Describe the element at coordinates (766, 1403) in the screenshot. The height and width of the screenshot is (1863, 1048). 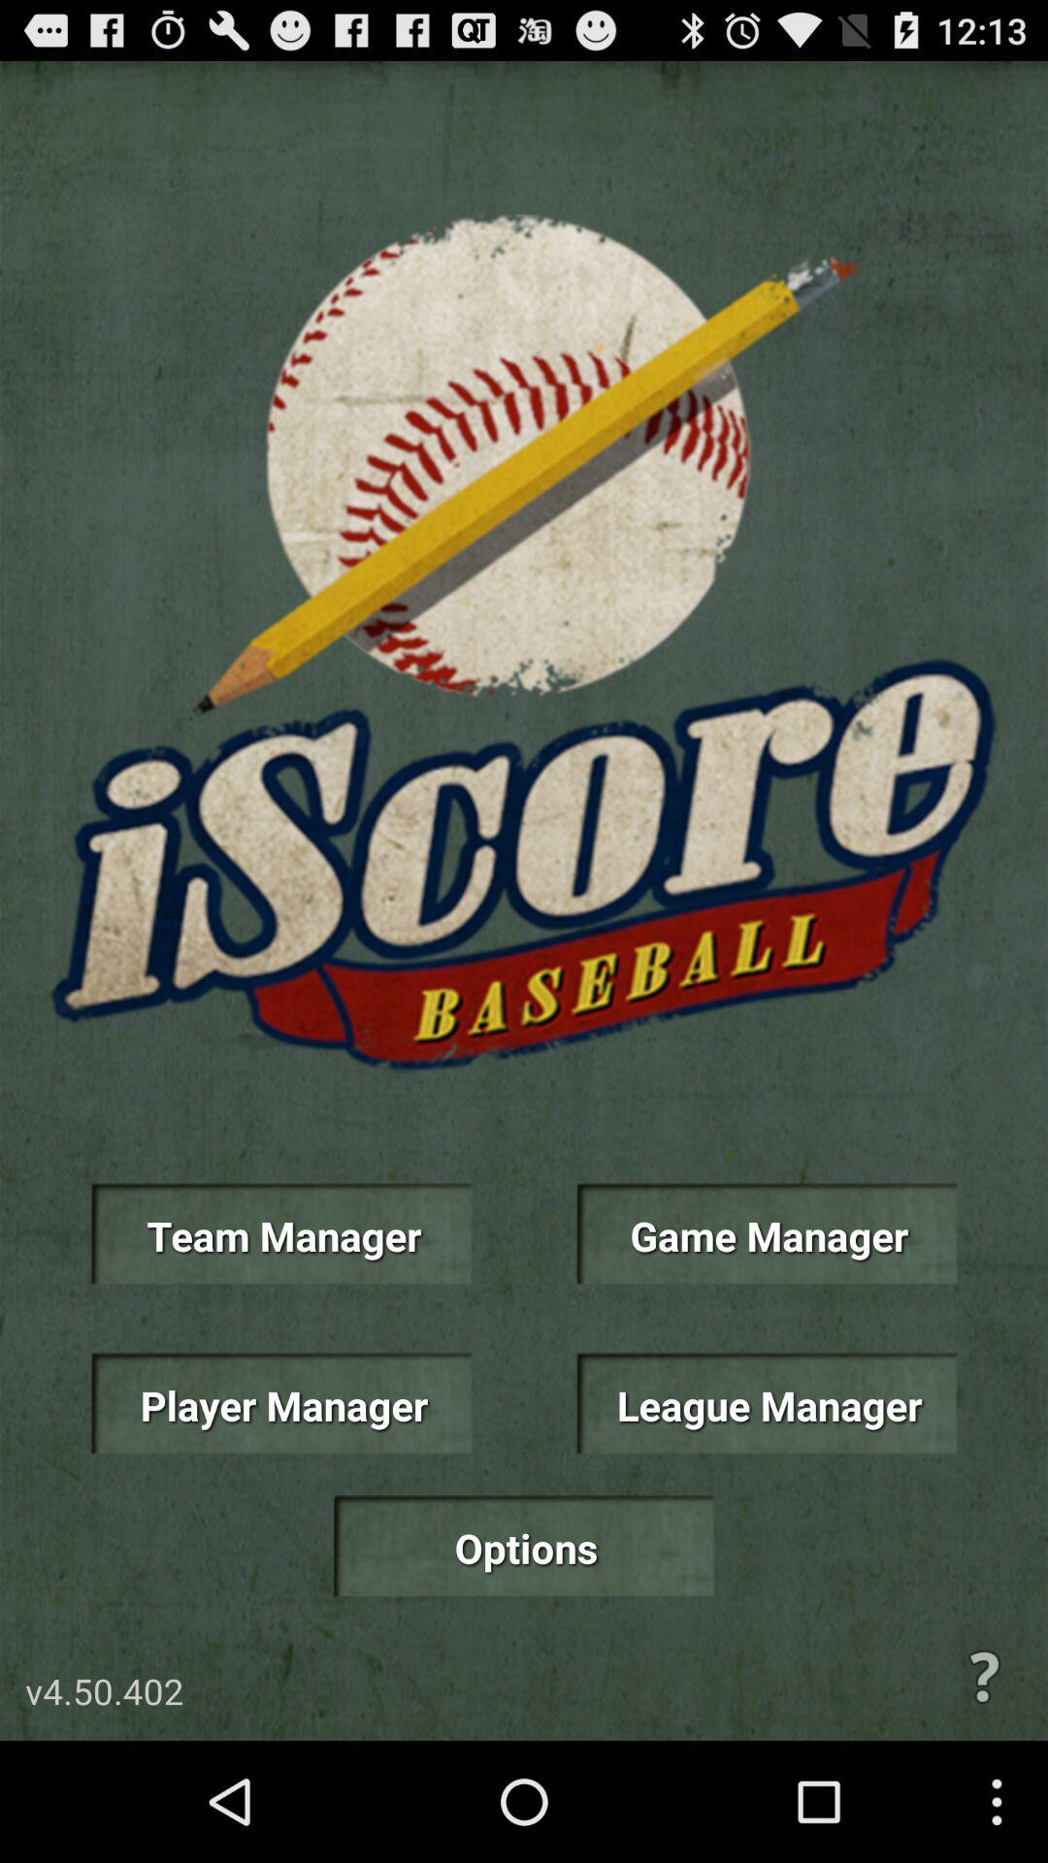
I see `the item below game manager item` at that location.